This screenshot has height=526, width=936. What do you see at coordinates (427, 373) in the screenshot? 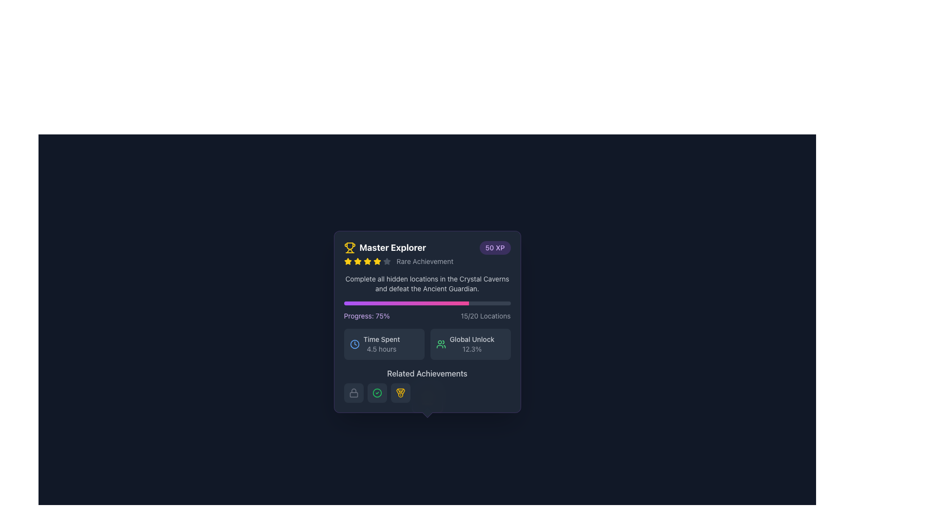
I see `static text label displaying 'Related Achievements' which is centrally positioned above a row of circular icons in the card-like interface` at bounding box center [427, 373].